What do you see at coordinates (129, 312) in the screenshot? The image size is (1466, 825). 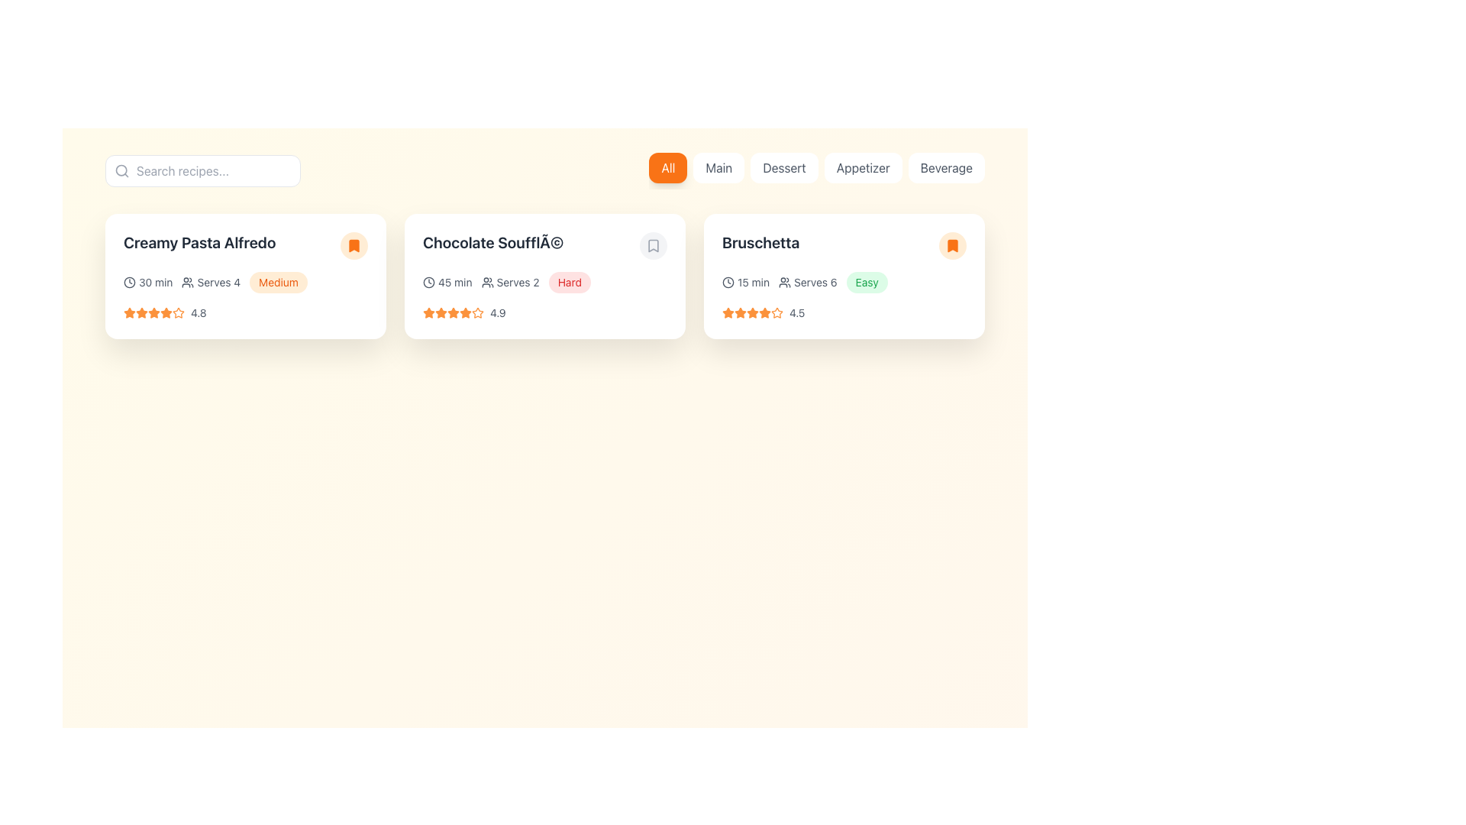 I see `the first orange star-shaped icon used for rating, located in the bottom-left section of the 'Creamy Pasta Alfredo' card` at bounding box center [129, 312].